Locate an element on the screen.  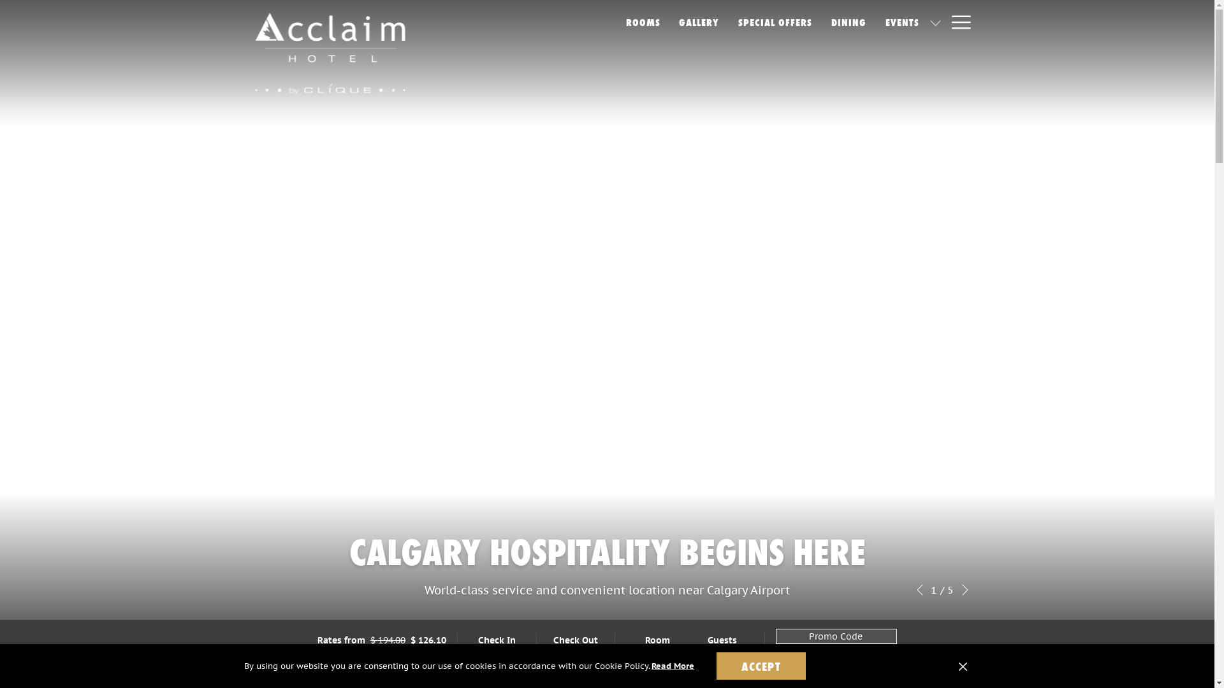
'GALLERY' is located at coordinates (669, 22).